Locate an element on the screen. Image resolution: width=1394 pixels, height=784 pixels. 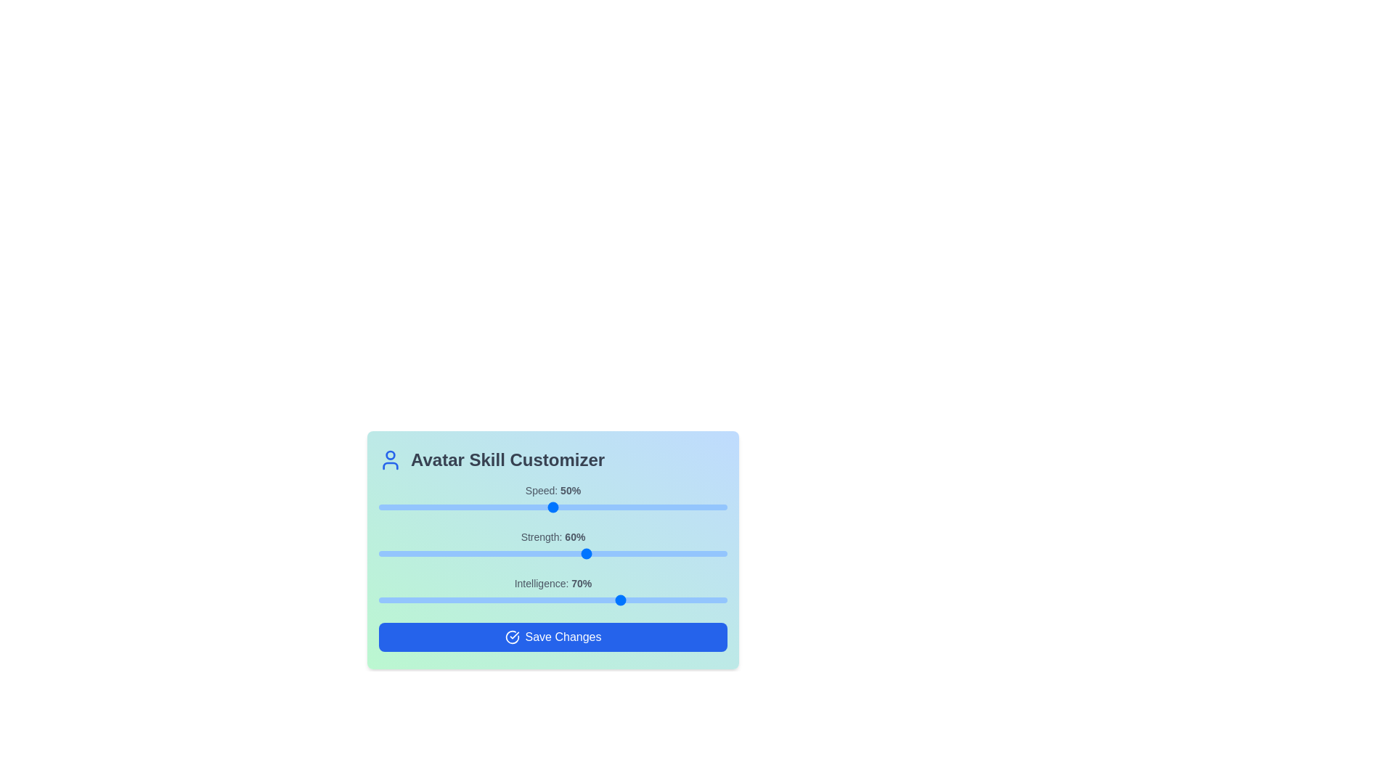
the static text that displays the intelligence skill value, located to the right of the 'Intelligence:' label in the 'Avatar Skill Customizer' panel is located at coordinates (582, 582).